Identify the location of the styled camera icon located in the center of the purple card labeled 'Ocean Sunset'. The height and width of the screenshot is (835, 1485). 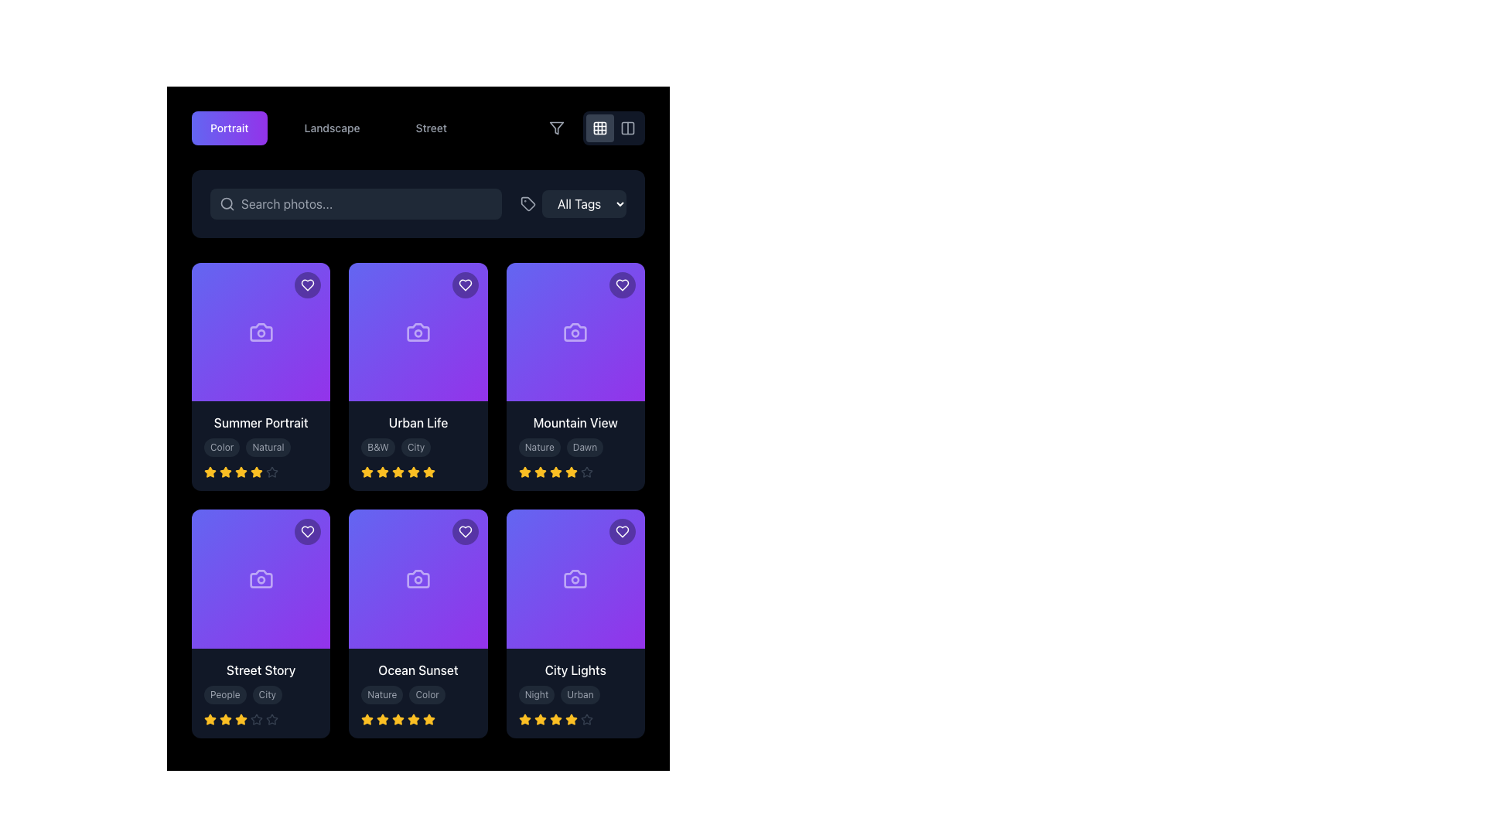
(418, 578).